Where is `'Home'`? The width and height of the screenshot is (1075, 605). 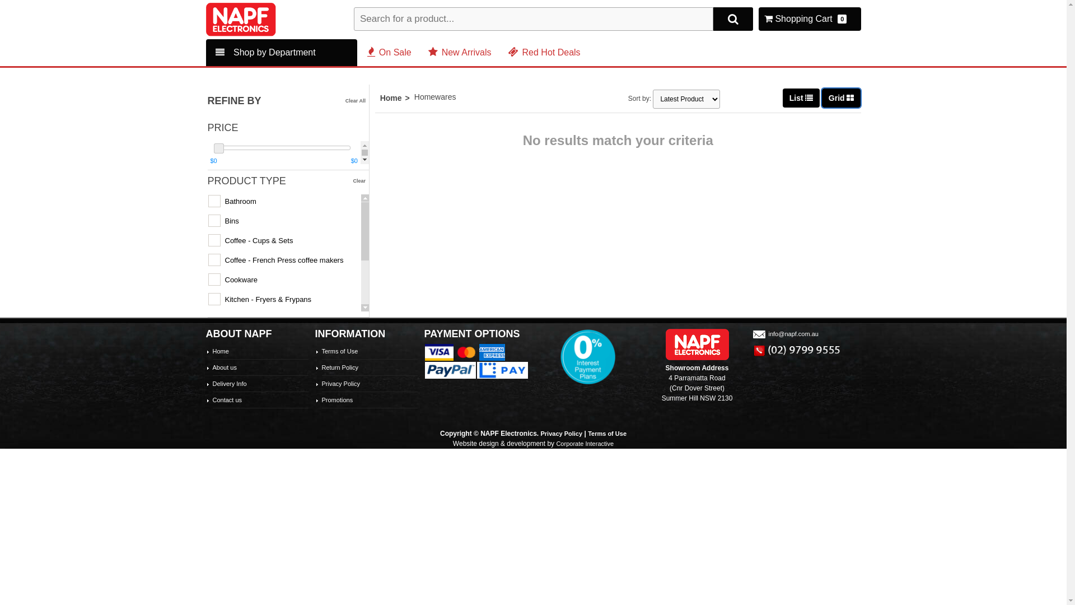 'Home' is located at coordinates (380, 97).